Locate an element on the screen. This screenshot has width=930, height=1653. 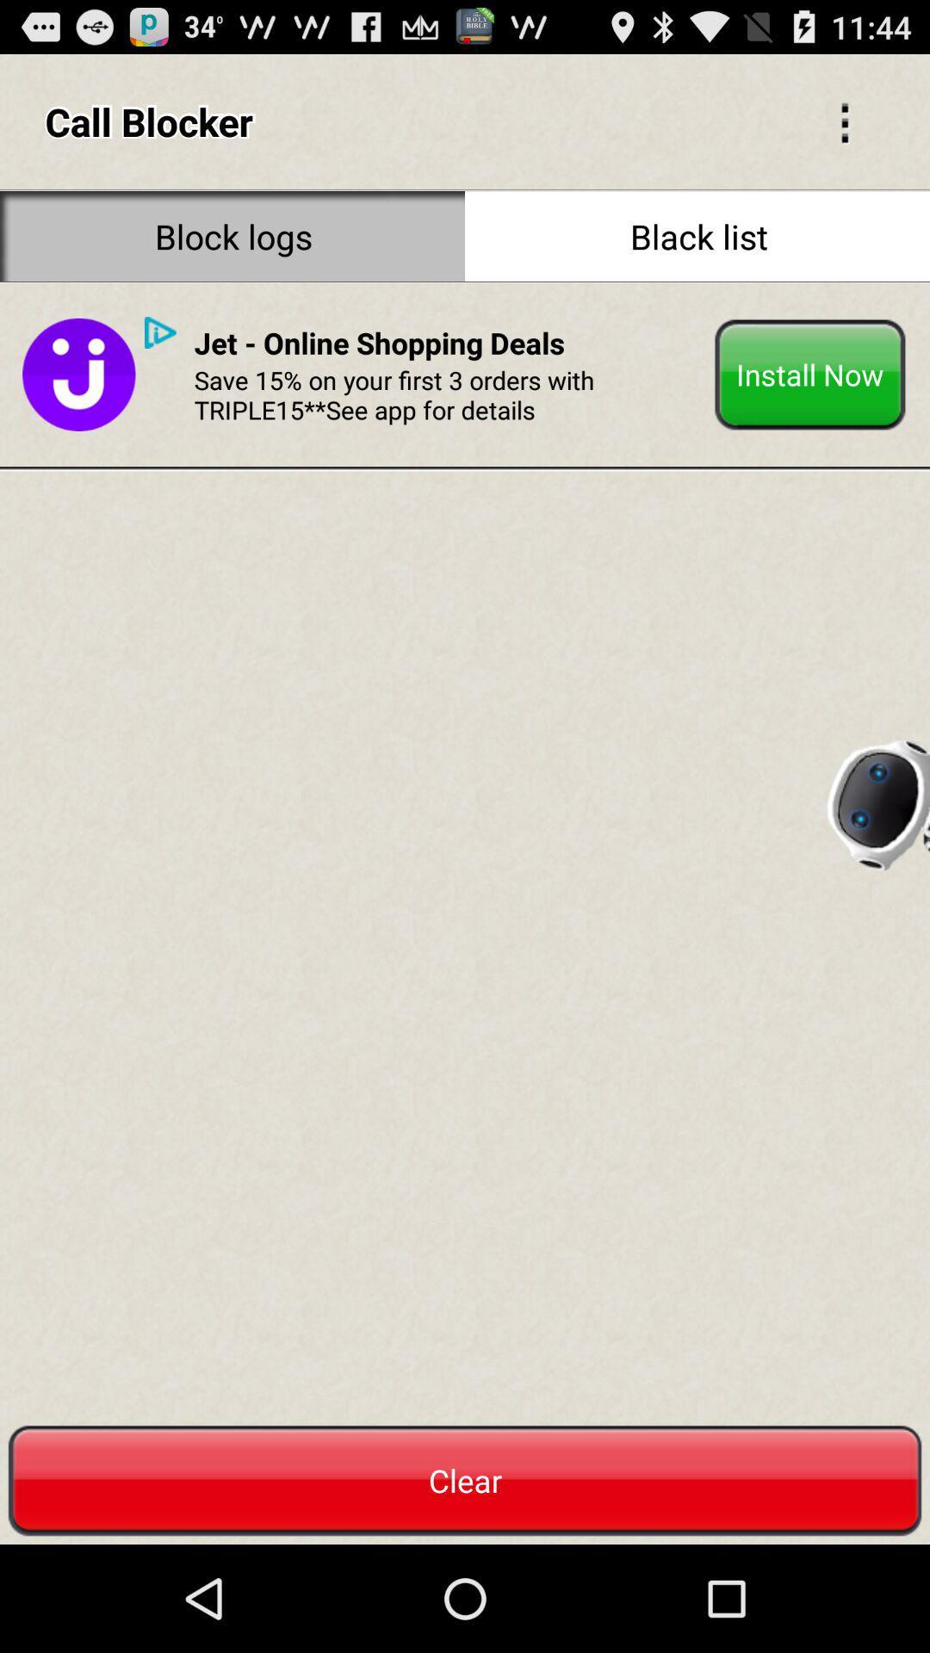
the red color button is located at coordinates (465, 1480).